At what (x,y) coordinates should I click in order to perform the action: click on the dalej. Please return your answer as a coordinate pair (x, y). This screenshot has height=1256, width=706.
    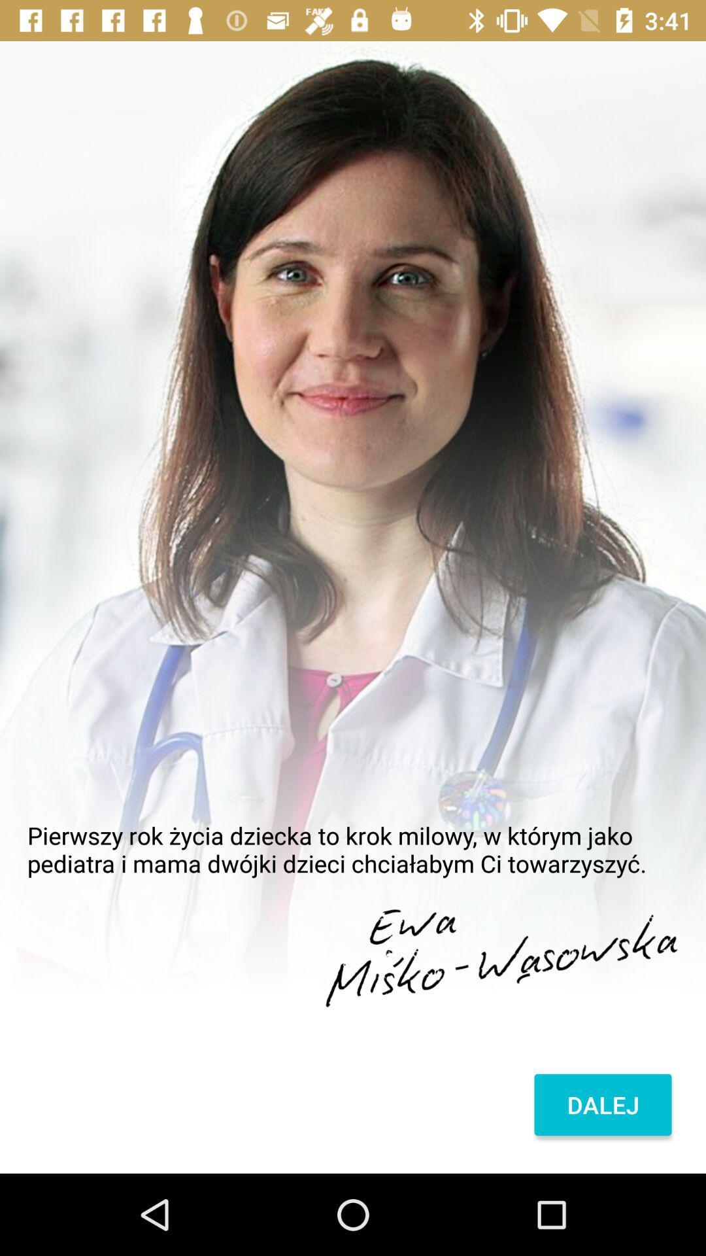
    Looking at the image, I should click on (603, 1104).